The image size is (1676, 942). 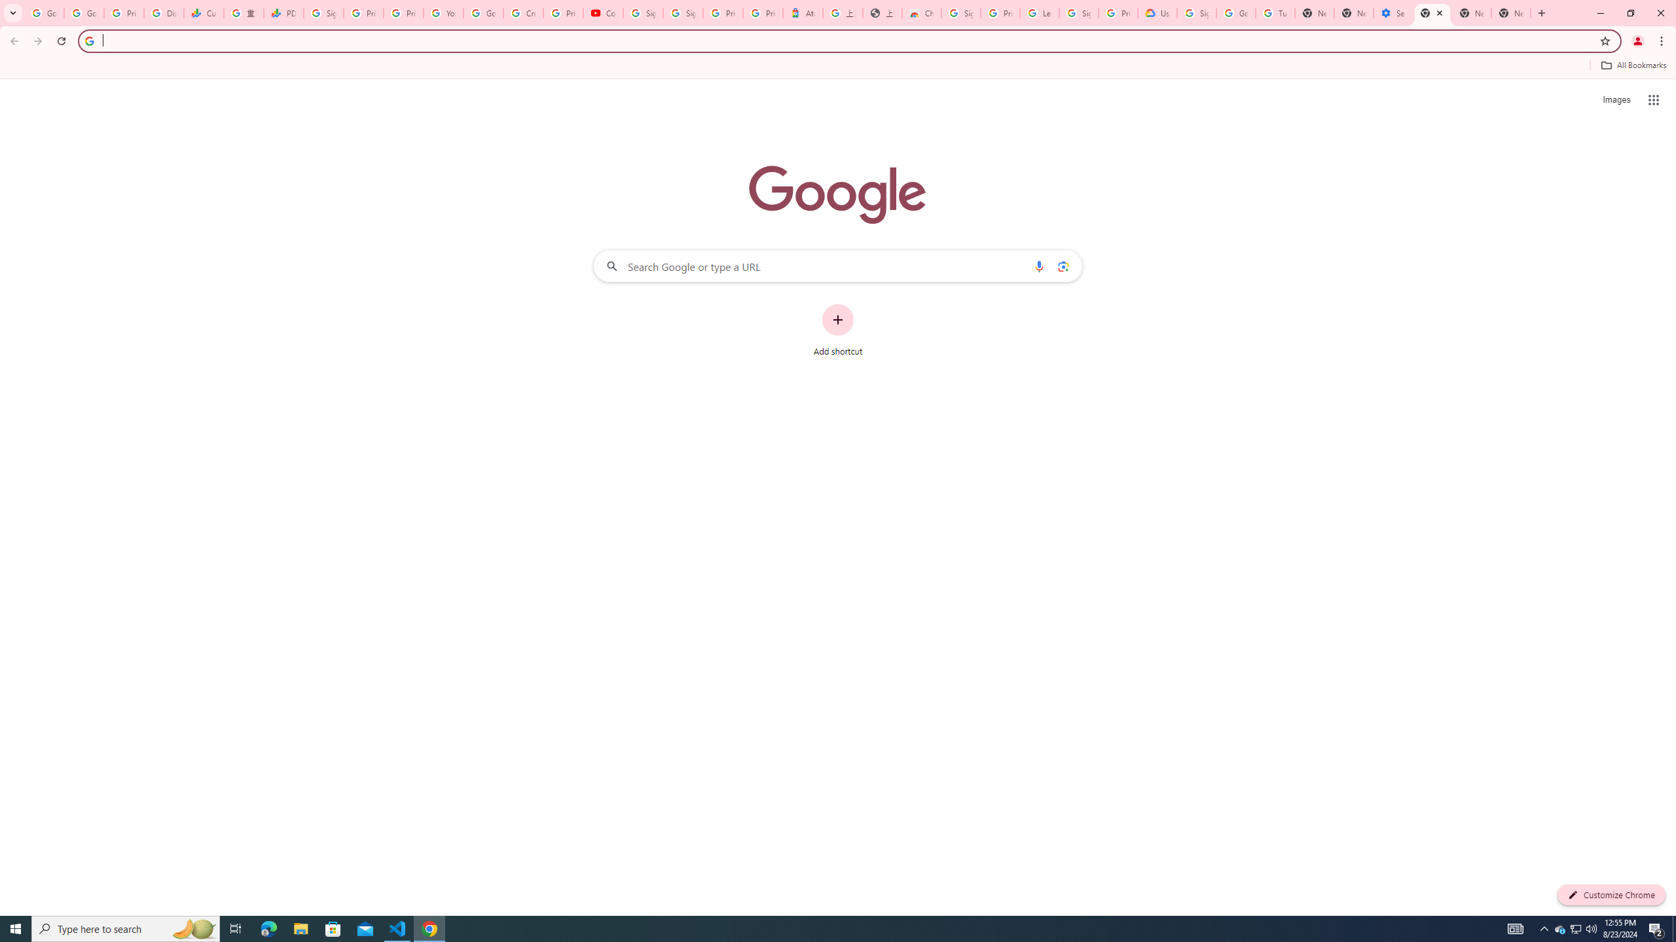 I want to click on 'Search Google or type a URL', so click(x=838, y=265).